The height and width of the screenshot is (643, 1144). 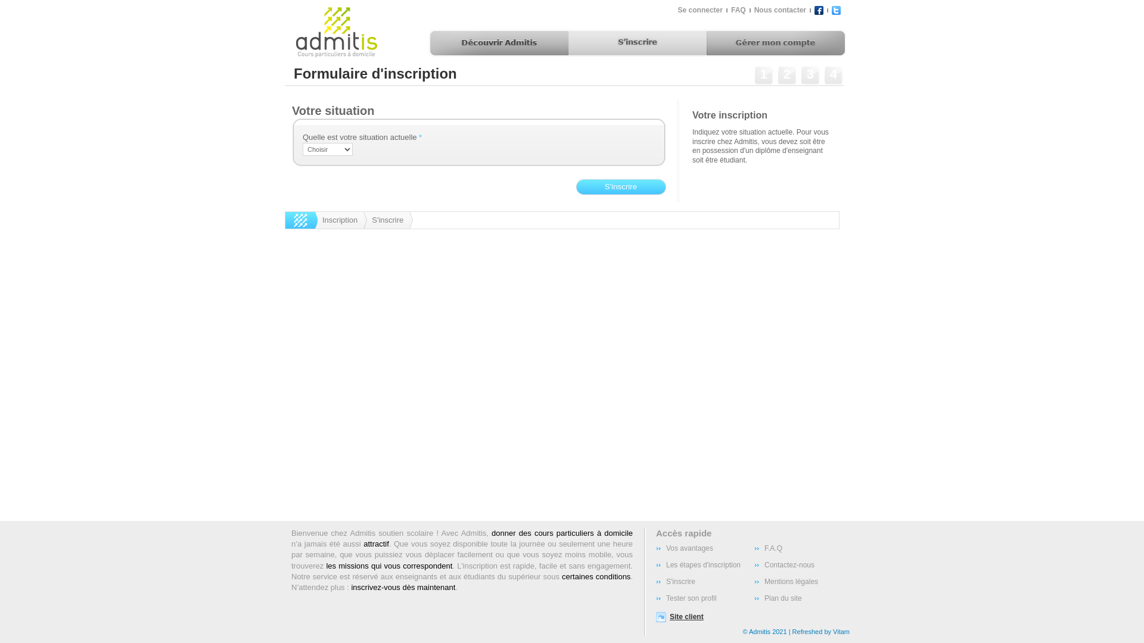 I want to click on 'Contactez-nous', so click(x=803, y=564).